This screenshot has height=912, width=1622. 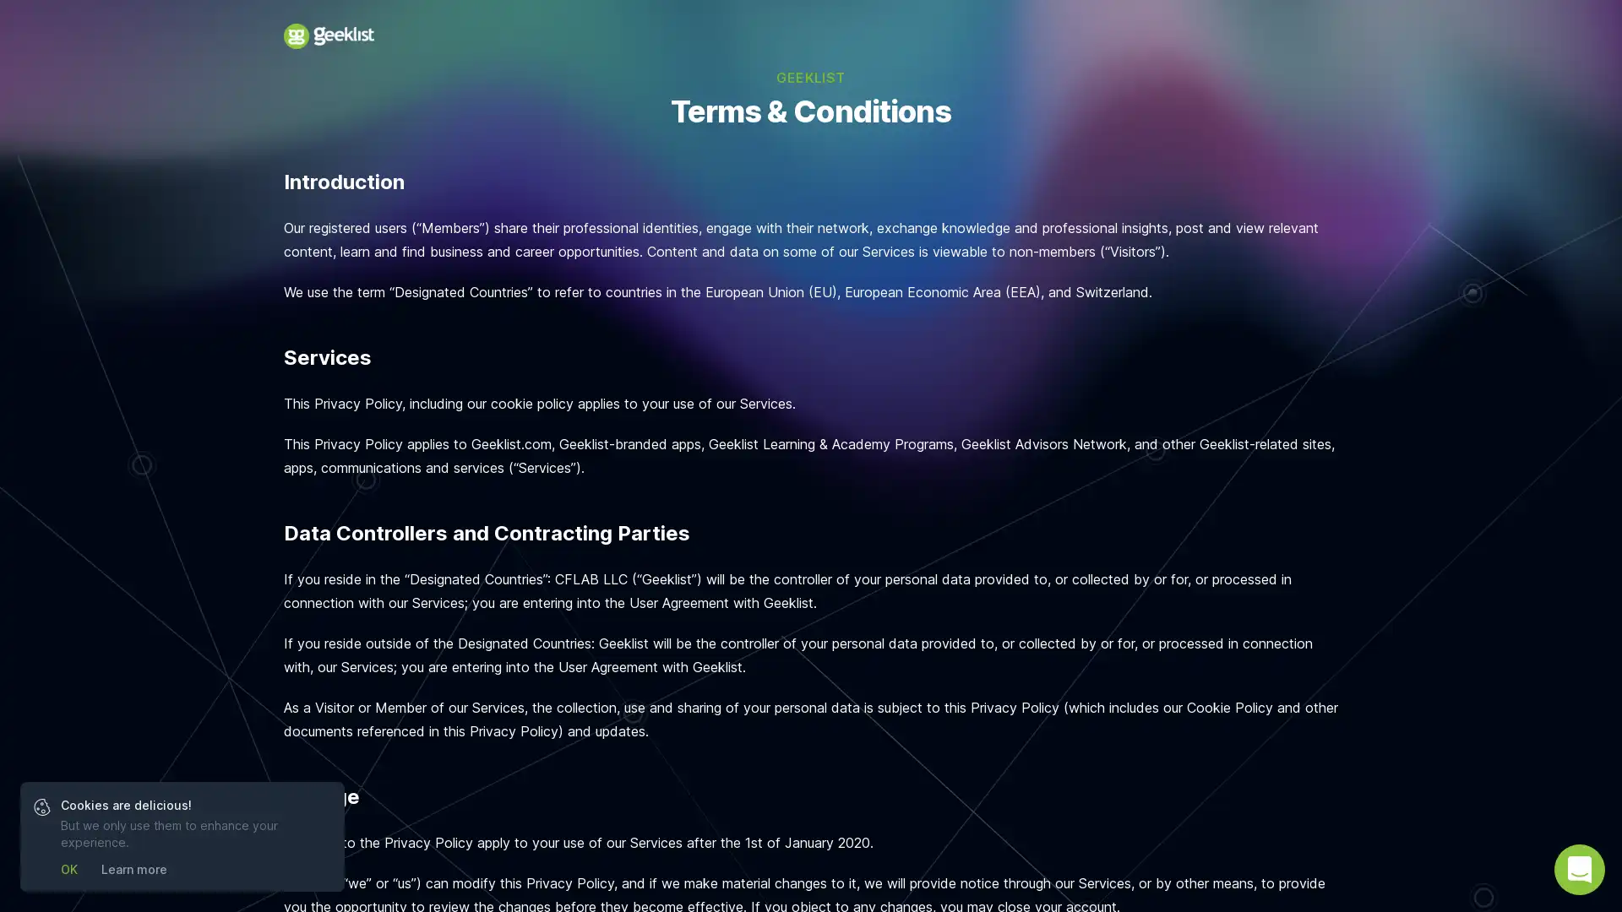 What do you see at coordinates (68, 869) in the screenshot?
I see `OK` at bounding box center [68, 869].